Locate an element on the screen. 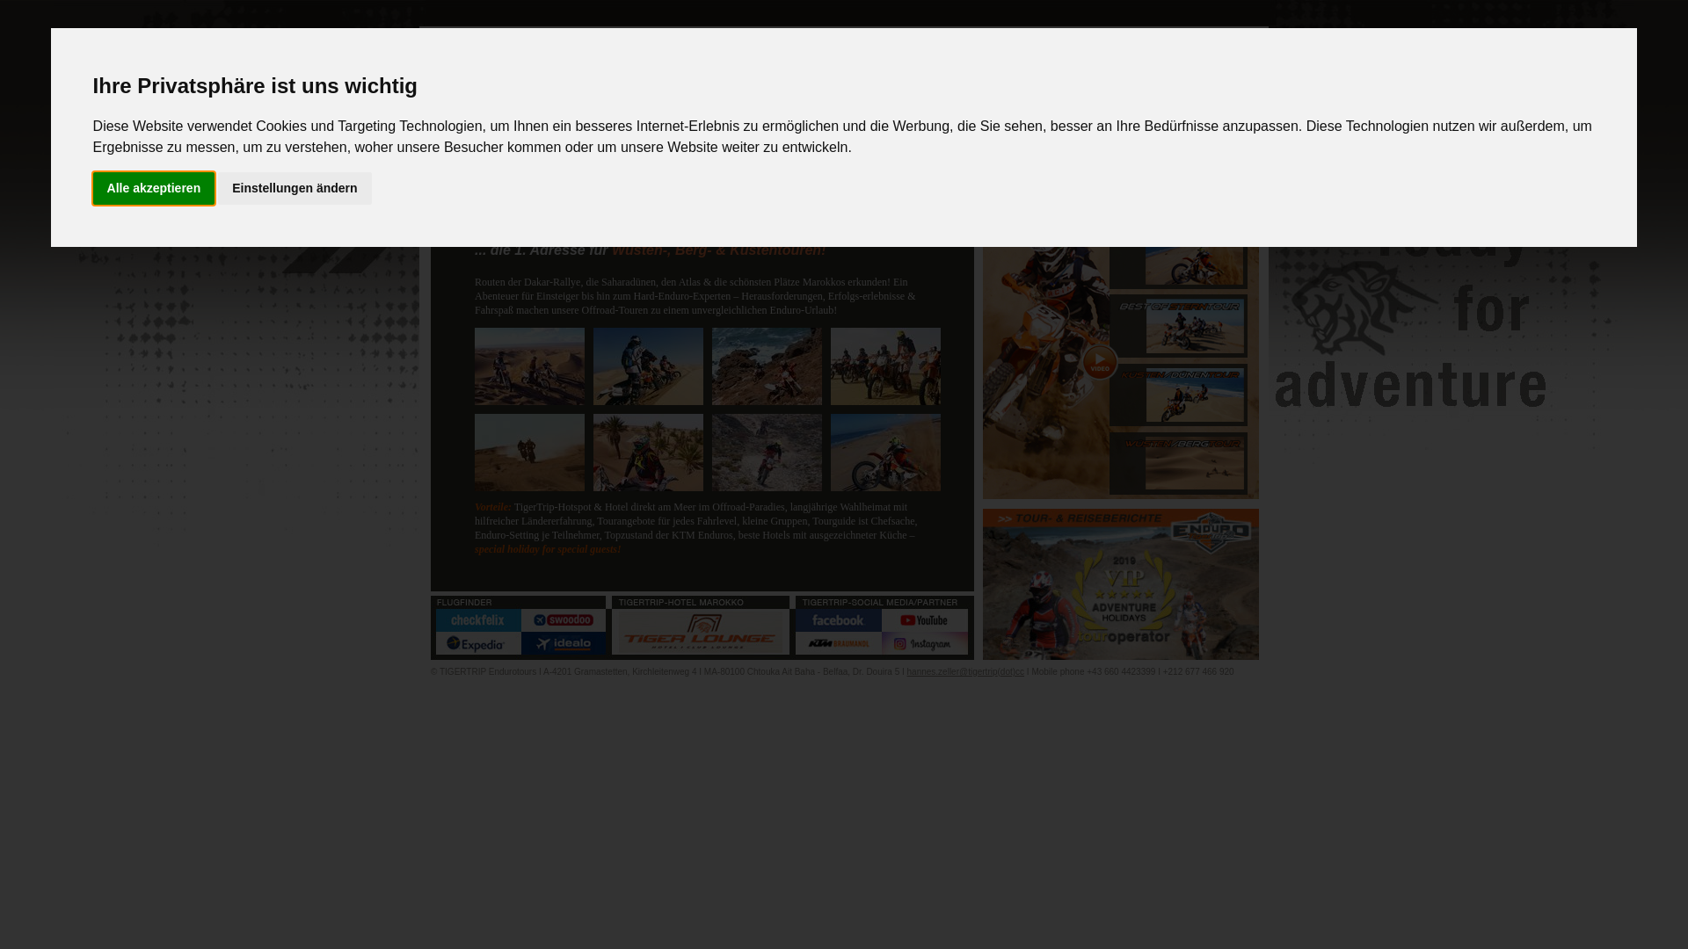 The image size is (1688, 949). 'hannes.zeller@tigertrip(dot)cc' is located at coordinates (965, 671).